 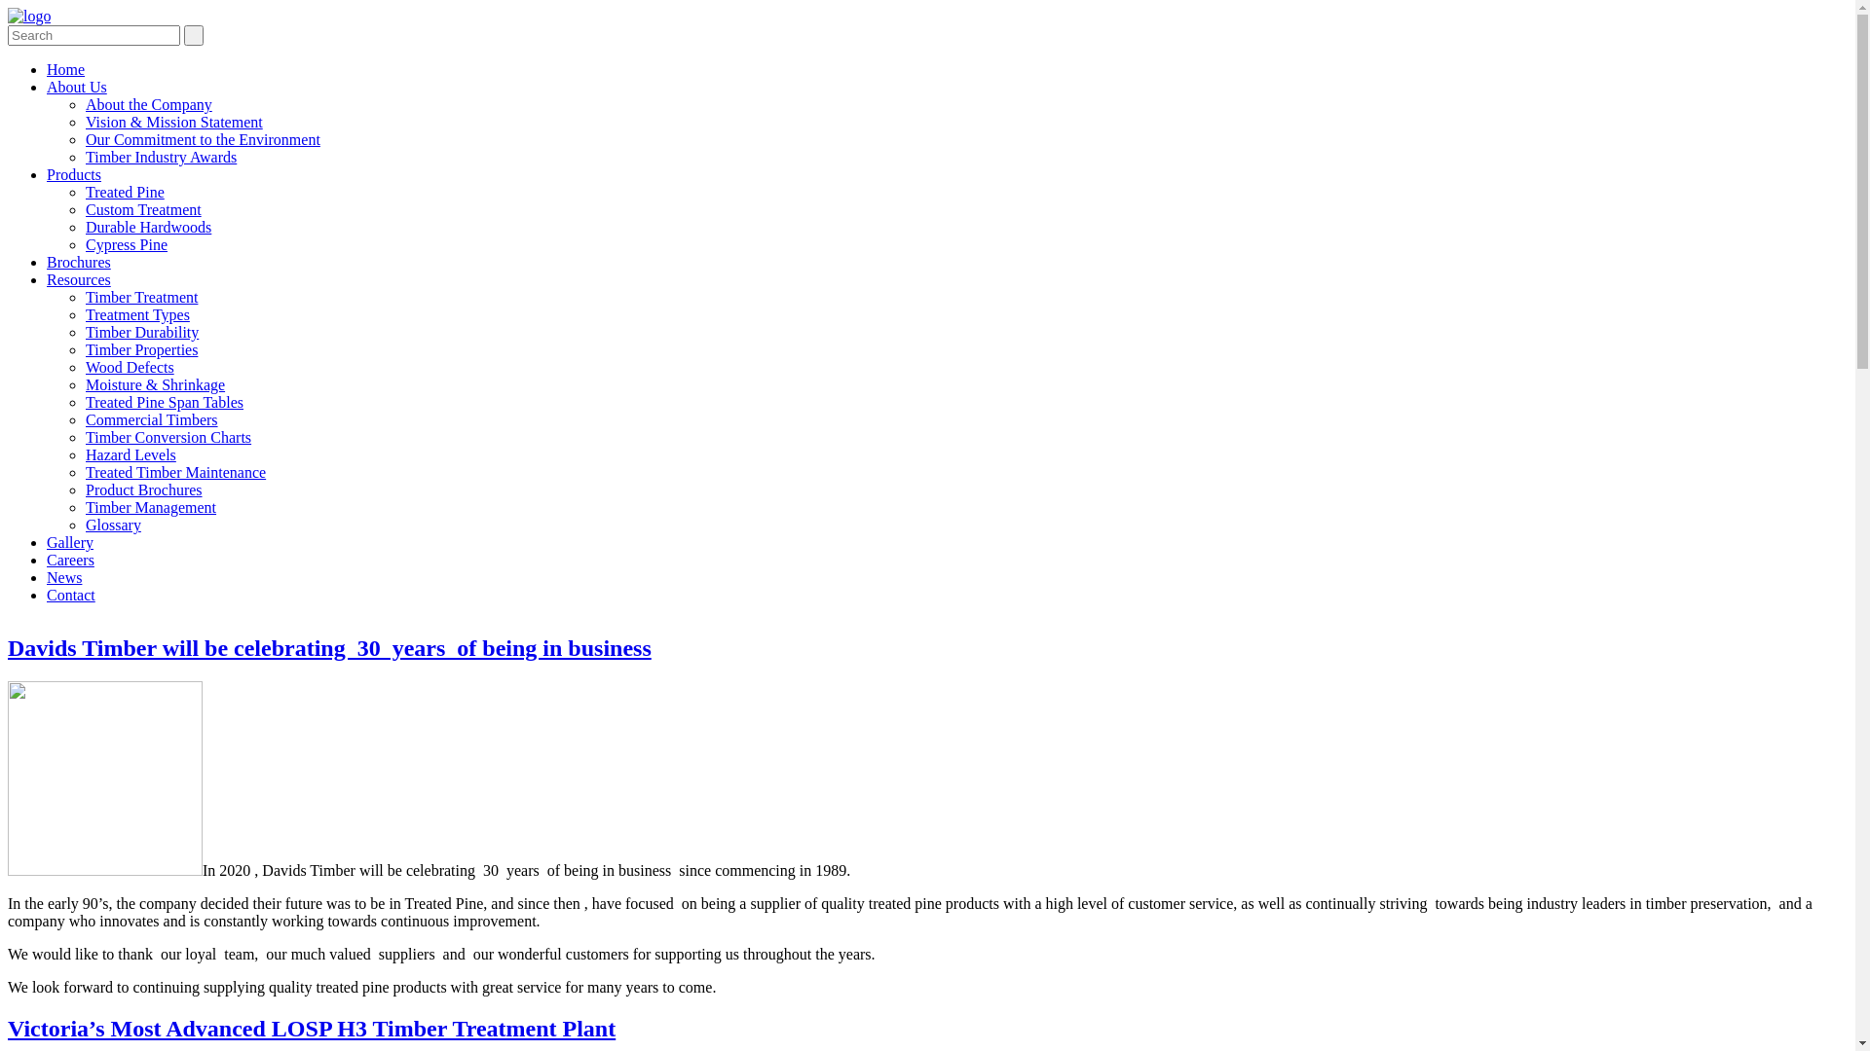 What do you see at coordinates (125, 243) in the screenshot?
I see `'Cypress Pine'` at bounding box center [125, 243].